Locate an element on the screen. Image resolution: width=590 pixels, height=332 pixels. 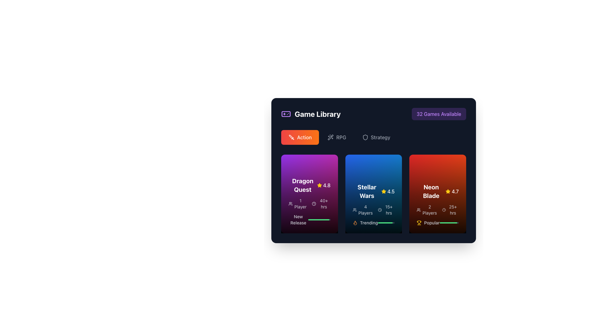
the informational text about the game 'Dragon Quest' that displays the number of players and gameplay duration, located below the title and rating section is located at coordinates (309, 204).